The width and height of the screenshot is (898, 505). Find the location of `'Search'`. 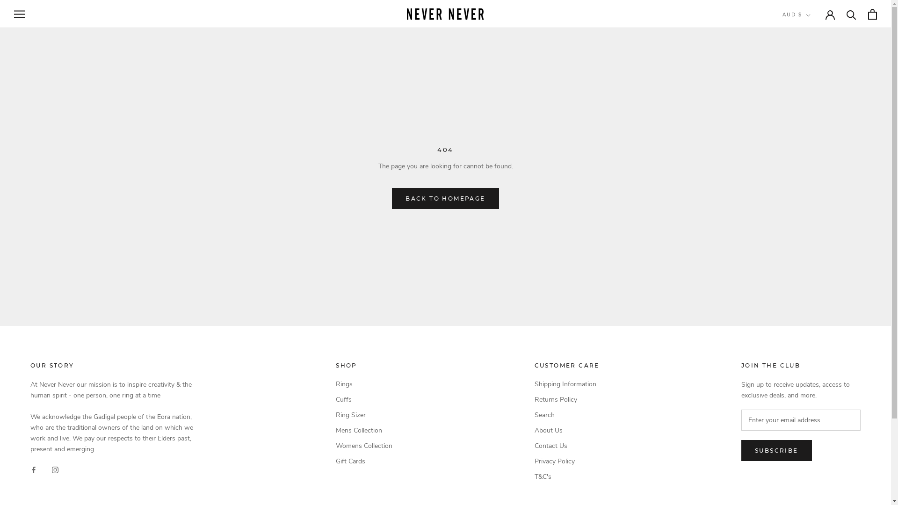

'Search' is located at coordinates (566, 414).